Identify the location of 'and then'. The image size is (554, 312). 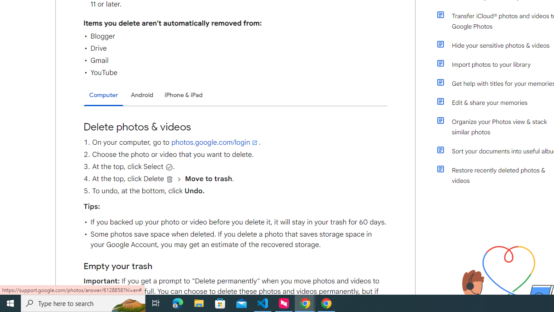
(179, 179).